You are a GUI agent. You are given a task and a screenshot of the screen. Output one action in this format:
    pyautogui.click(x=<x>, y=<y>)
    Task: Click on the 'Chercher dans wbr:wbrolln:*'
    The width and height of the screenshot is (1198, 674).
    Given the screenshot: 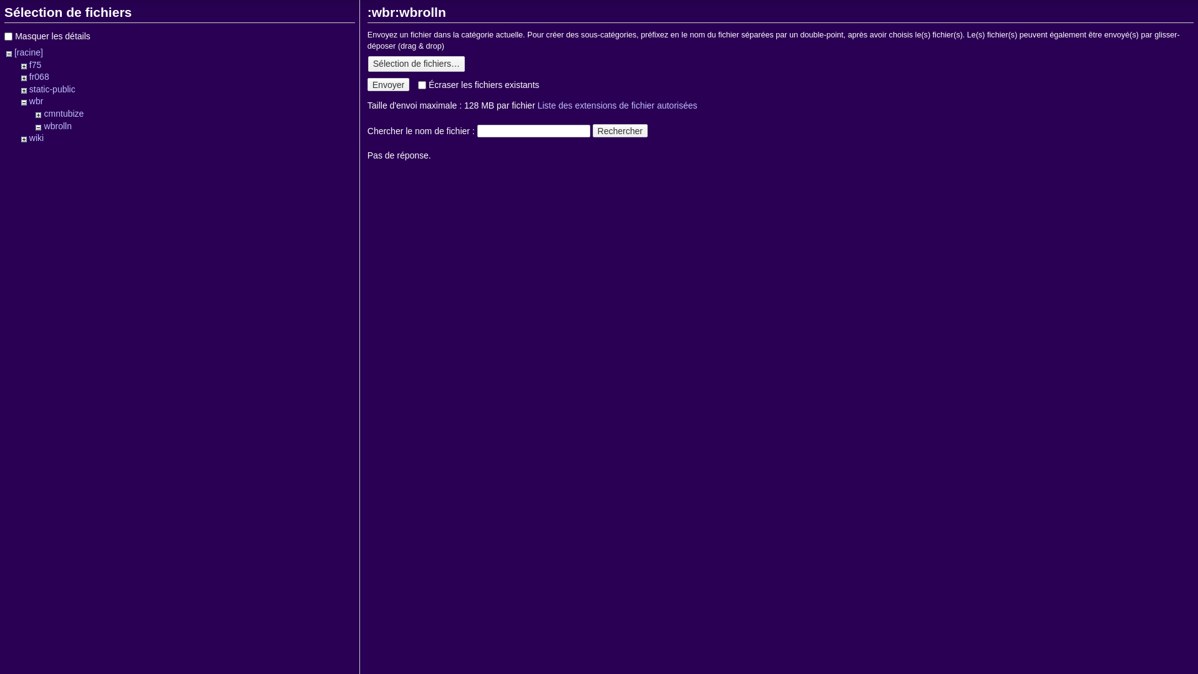 What is the action you would take?
    pyautogui.click(x=476, y=130)
    